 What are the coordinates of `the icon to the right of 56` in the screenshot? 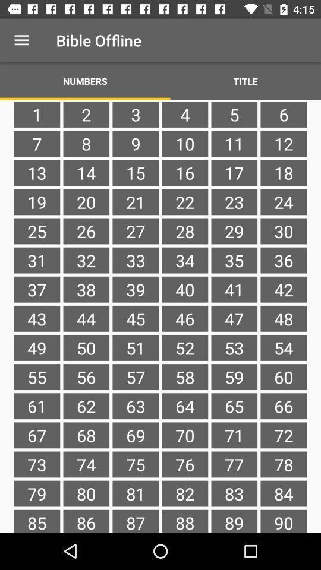 It's located at (135, 406).